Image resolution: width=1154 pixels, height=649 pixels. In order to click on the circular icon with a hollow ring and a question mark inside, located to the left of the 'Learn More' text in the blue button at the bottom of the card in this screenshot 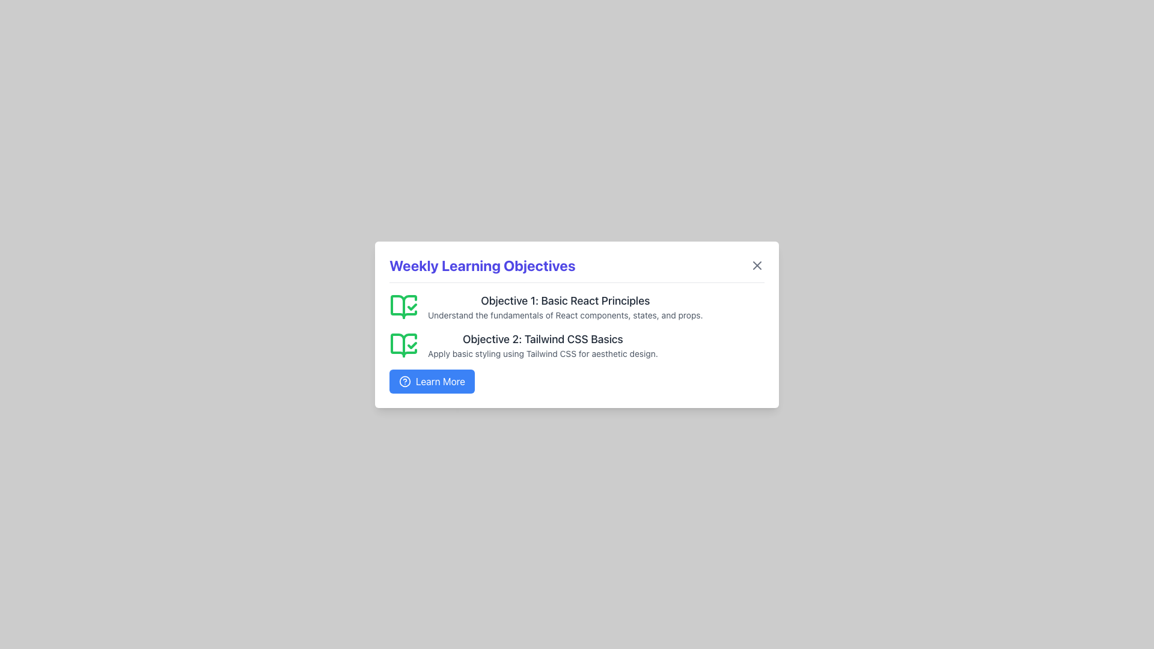, I will do `click(405, 380)`.